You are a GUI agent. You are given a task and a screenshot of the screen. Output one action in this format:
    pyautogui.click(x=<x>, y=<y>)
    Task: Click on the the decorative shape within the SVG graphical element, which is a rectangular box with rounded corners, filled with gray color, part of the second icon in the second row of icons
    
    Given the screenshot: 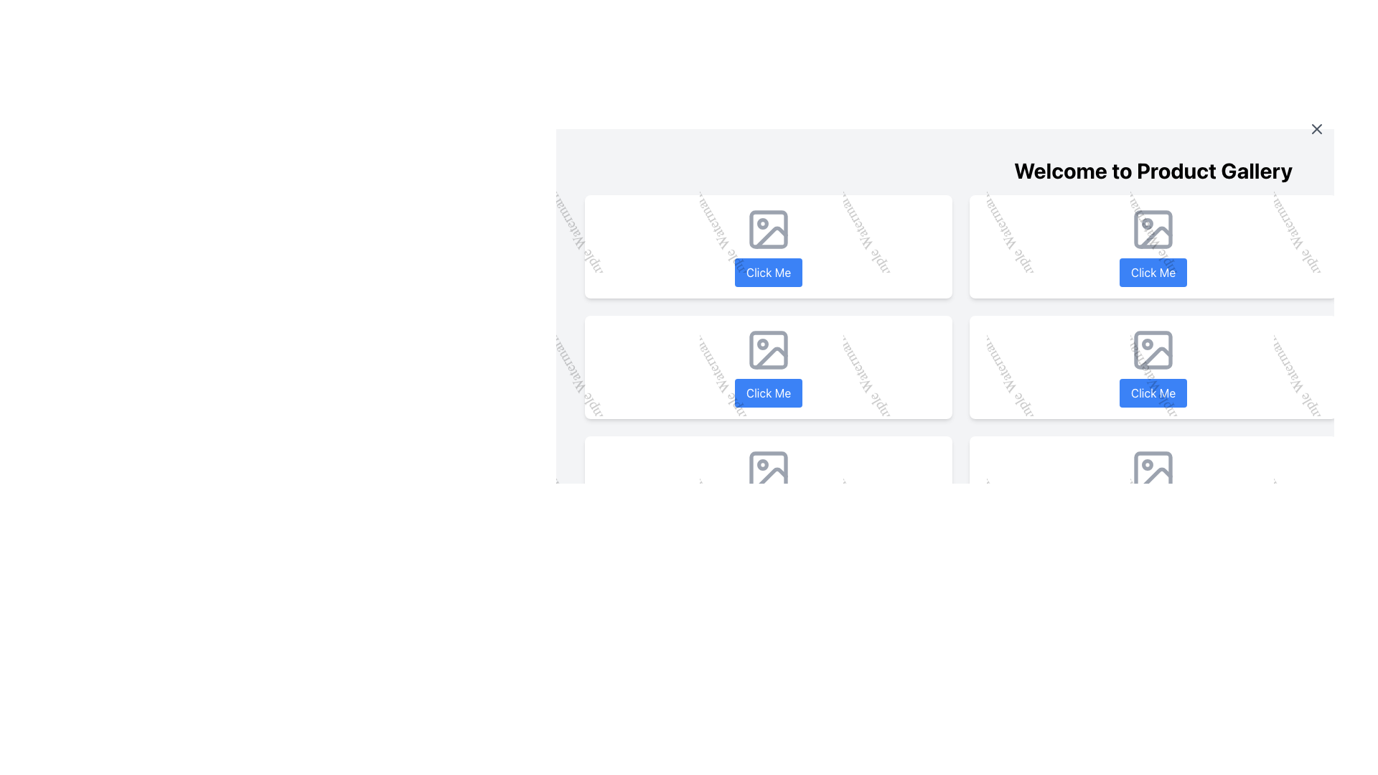 What is the action you would take?
    pyautogui.click(x=767, y=350)
    